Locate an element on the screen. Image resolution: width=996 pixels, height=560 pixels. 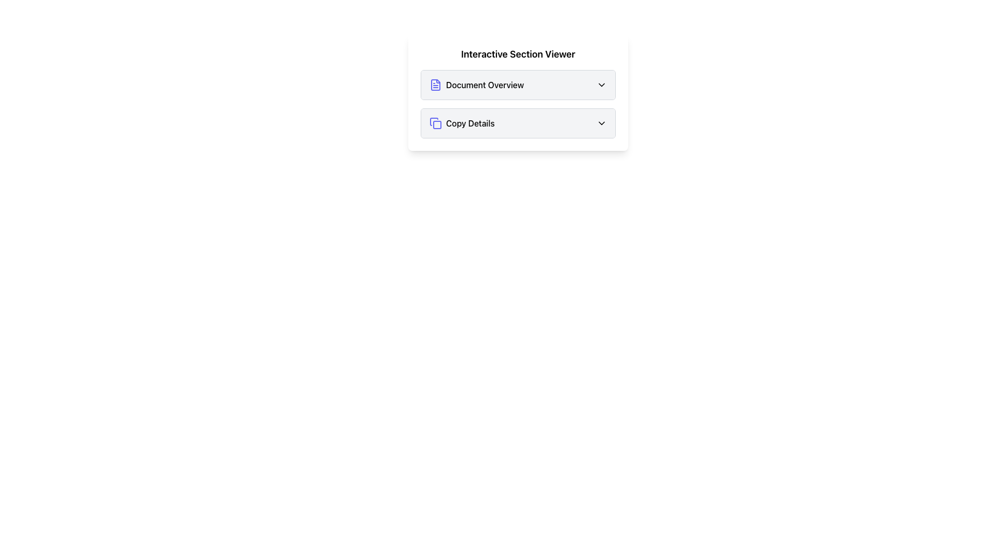
the indigo document icon located to the left of the 'Document Overview' label in the interactive viewer is located at coordinates (436, 85).